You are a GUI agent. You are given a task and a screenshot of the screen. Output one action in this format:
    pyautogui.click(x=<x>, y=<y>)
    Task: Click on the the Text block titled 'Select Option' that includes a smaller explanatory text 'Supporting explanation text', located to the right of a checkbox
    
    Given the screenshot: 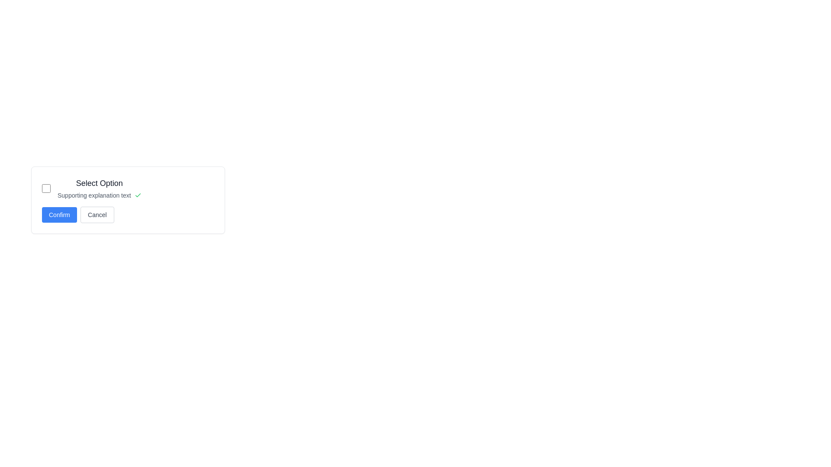 What is the action you would take?
    pyautogui.click(x=99, y=188)
    